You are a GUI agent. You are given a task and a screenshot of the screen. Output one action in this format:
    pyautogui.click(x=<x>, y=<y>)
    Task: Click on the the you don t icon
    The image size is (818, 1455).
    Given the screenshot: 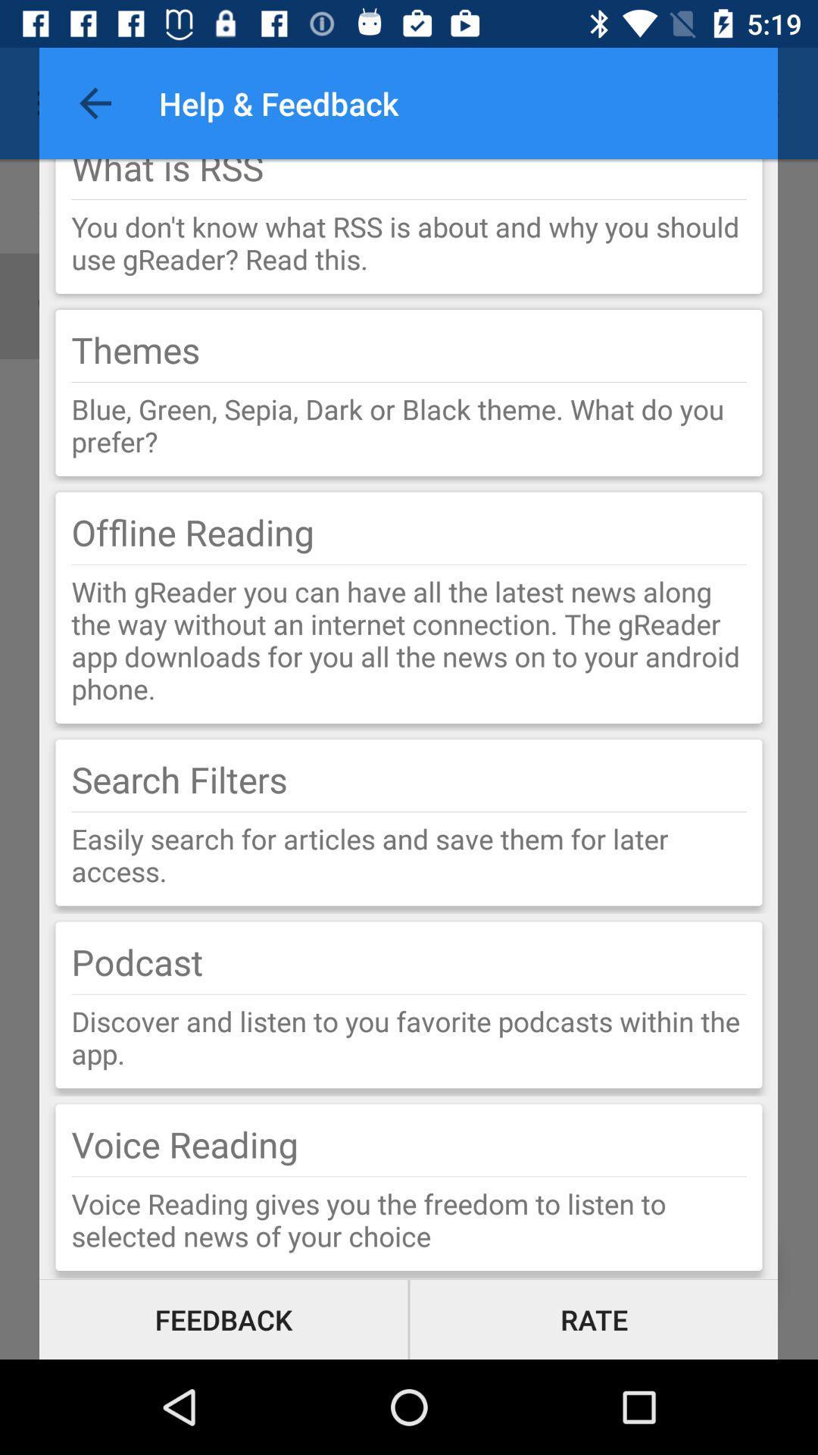 What is the action you would take?
    pyautogui.click(x=409, y=242)
    